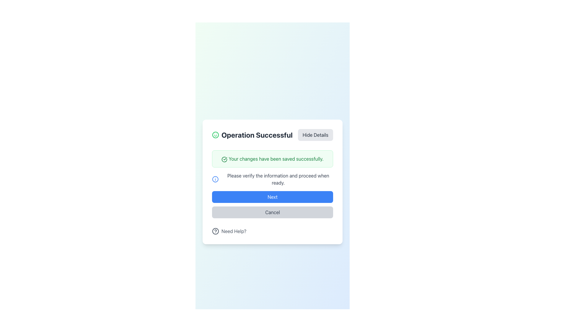  I want to click on the green circular outline of the smiley face icon, which serves as the outermost circular component of the success indicator, so click(215, 135).